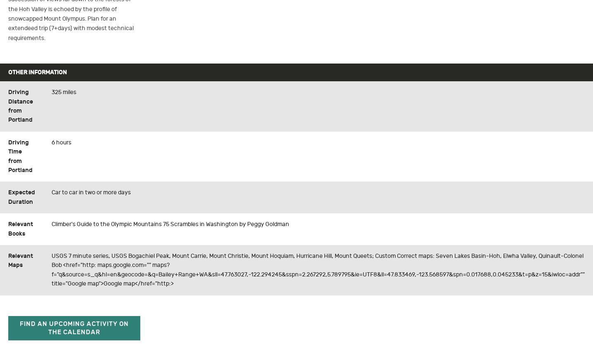  What do you see at coordinates (91, 192) in the screenshot?
I see `'Car to car in two or more days'` at bounding box center [91, 192].